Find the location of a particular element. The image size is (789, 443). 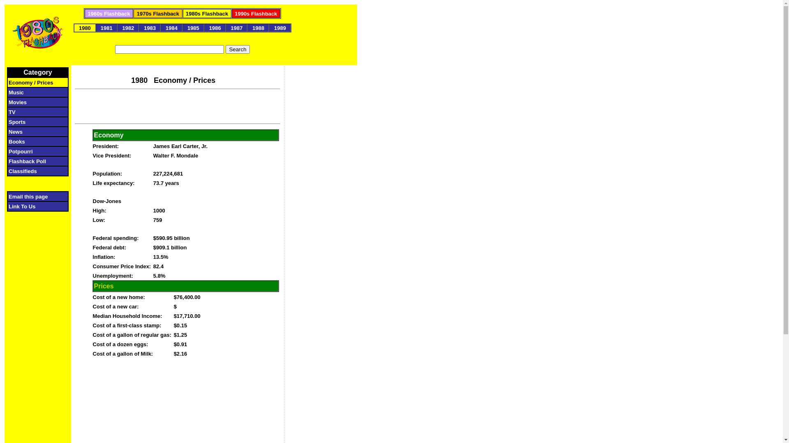

' 1984 ' is located at coordinates (171, 27).